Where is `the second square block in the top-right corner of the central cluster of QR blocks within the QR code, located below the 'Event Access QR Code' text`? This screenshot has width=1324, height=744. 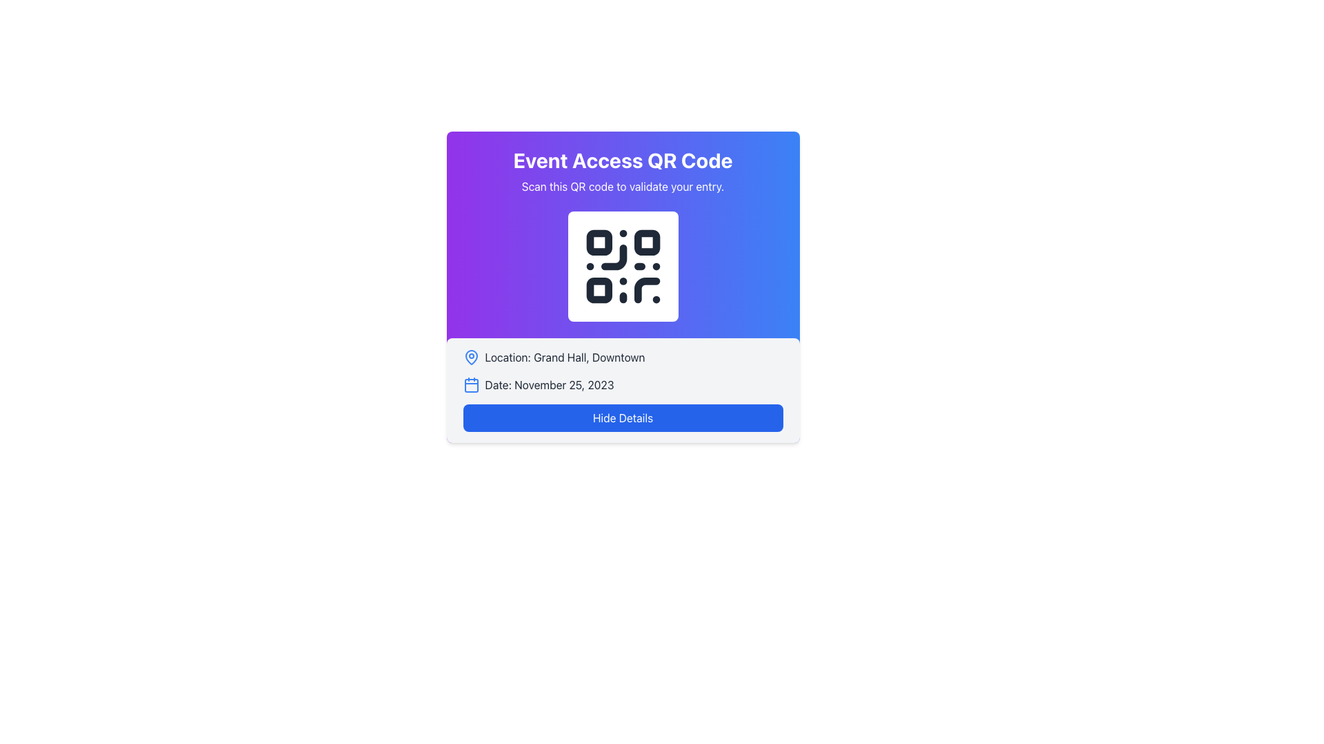 the second square block in the top-right corner of the central cluster of QR blocks within the QR code, located below the 'Event Access QR Code' text is located at coordinates (646, 242).